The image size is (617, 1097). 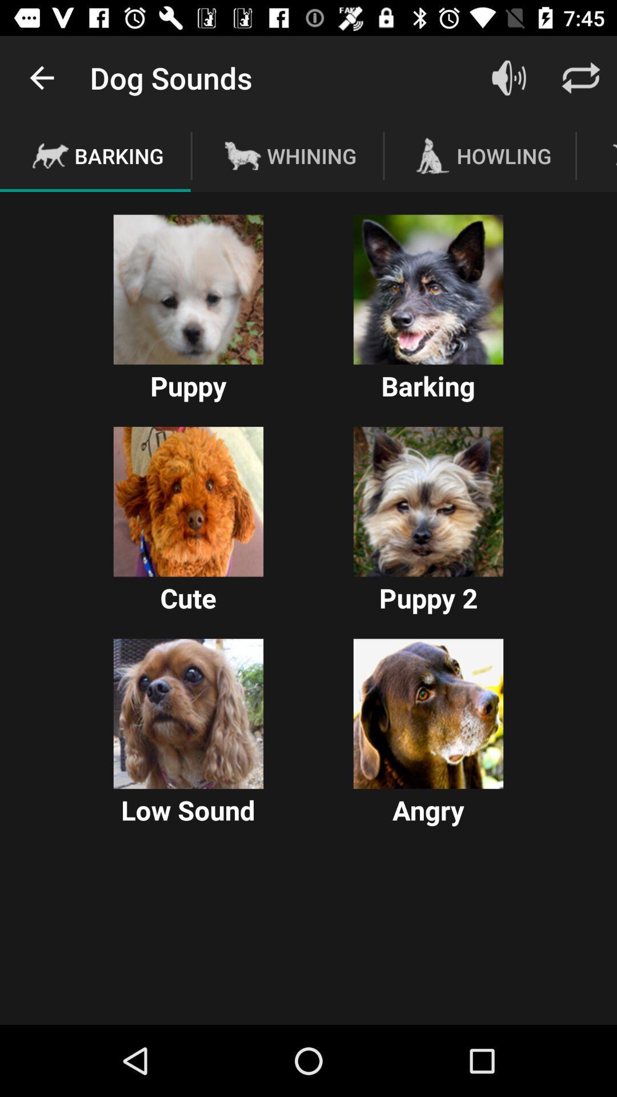 What do you see at coordinates (581, 77) in the screenshot?
I see `sound repeat` at bounding box center [581, 77].